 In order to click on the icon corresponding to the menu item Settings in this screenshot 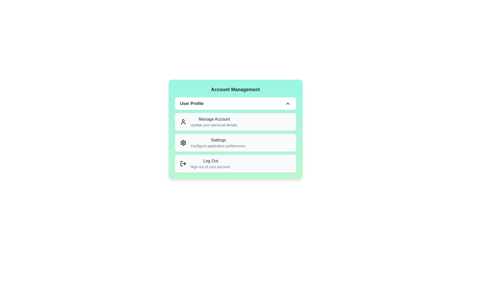, I will do `click(183, 143)`.